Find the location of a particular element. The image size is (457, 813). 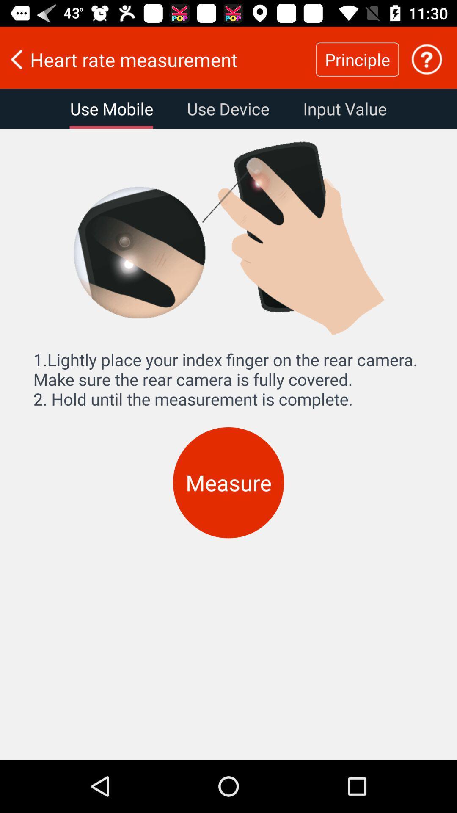

the icon above use mobile icon is located at coordinates (158, 59).